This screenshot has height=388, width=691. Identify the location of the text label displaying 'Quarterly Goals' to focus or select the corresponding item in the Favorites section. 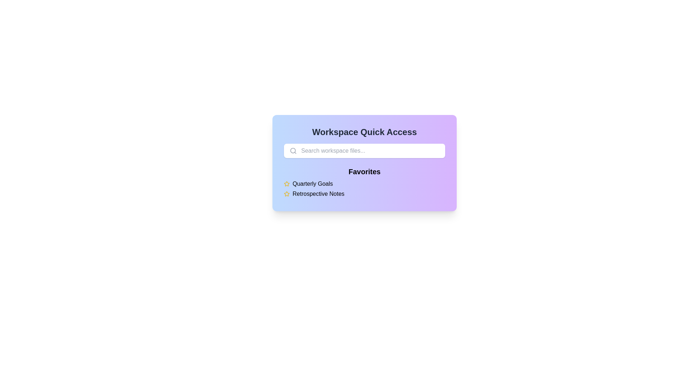
(312, 184).